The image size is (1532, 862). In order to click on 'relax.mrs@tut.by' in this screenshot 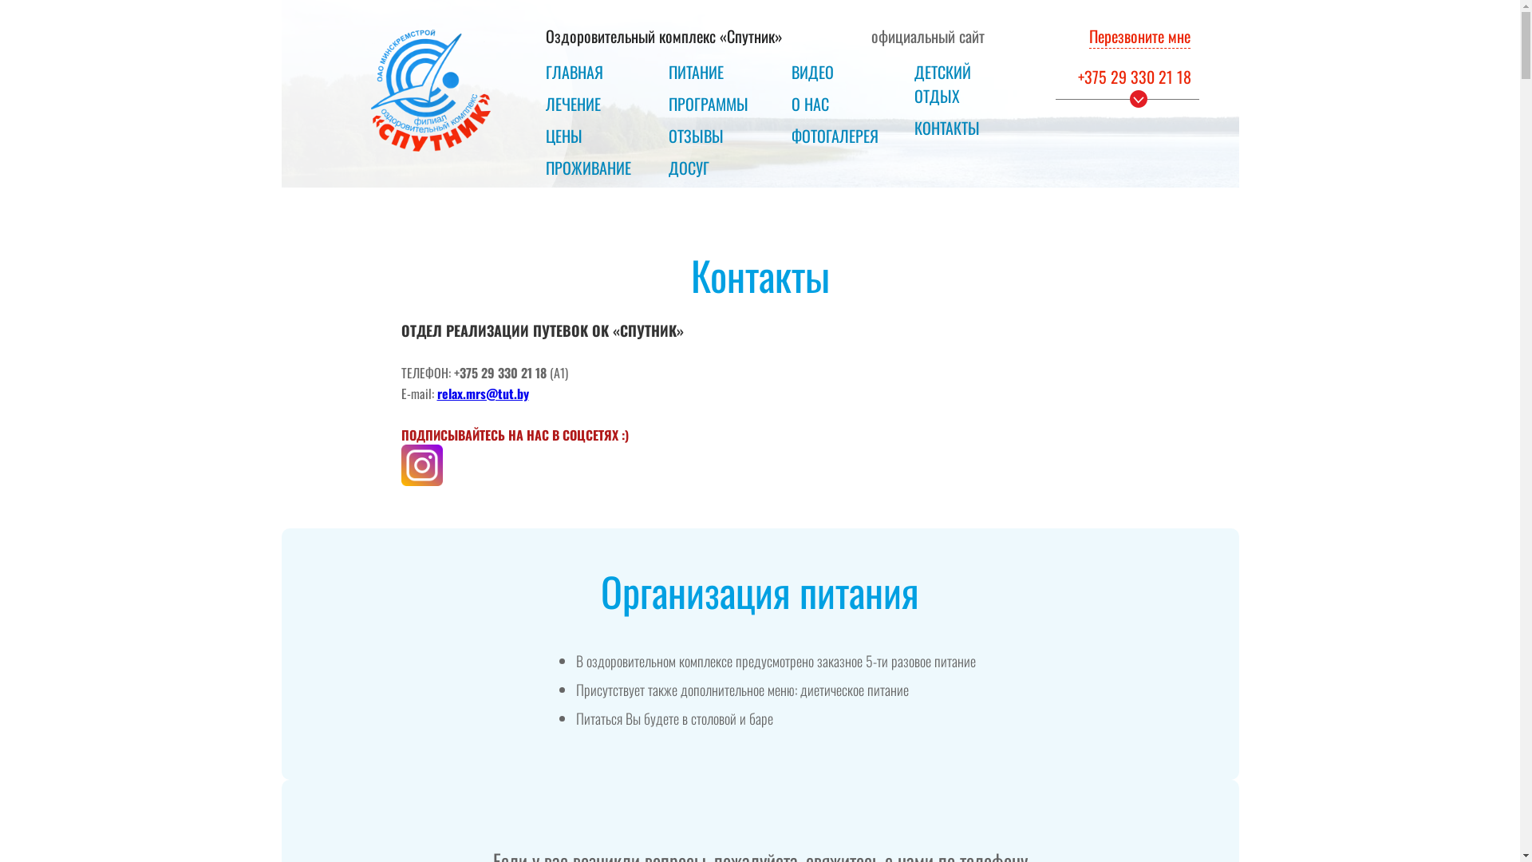, I will do `click(482, 393)`.